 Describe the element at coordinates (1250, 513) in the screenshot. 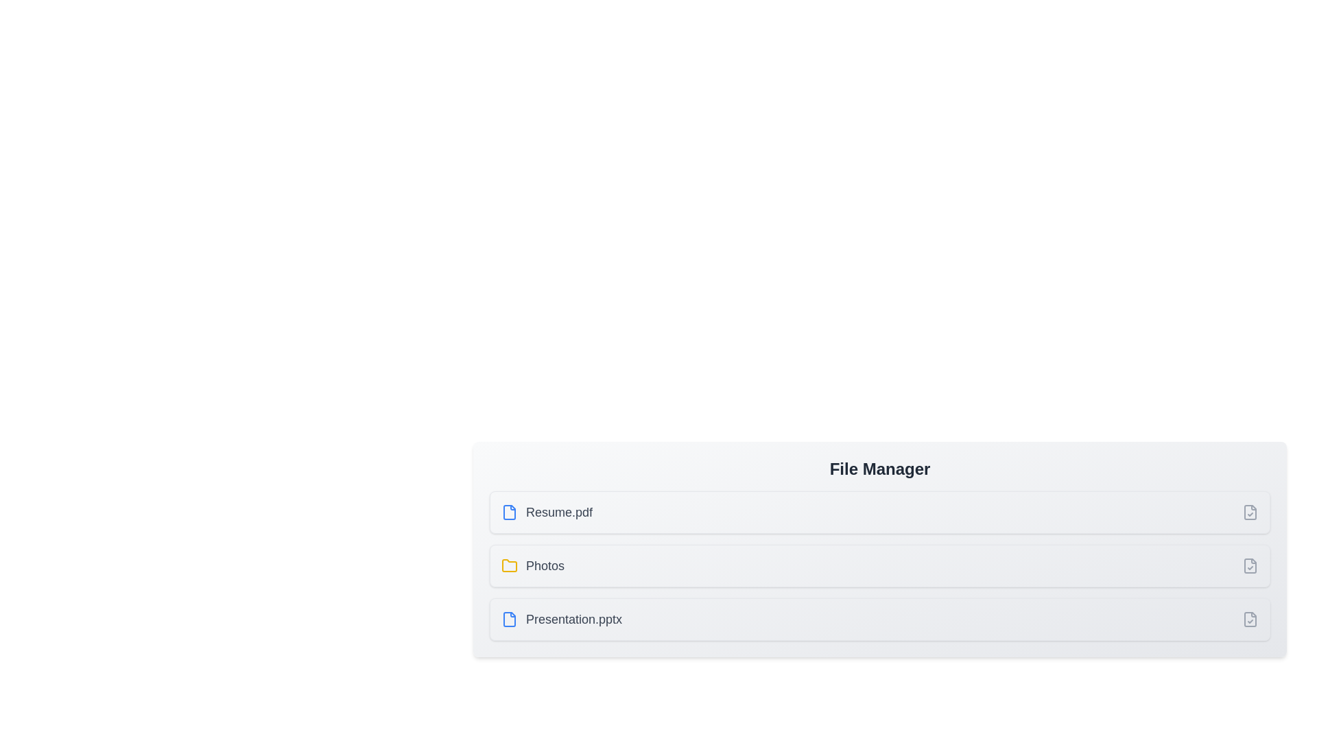

I see `the item corresponding to Resume.pdf by clicking its checkbox` at that location.